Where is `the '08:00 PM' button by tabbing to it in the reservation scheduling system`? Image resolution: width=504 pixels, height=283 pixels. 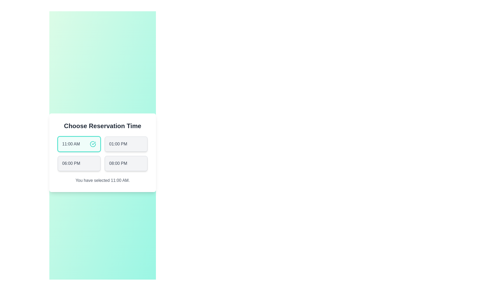 the '08:00 PM' button by tabbing to it in the reservation scheduling system is located at coordinates (126, 163).